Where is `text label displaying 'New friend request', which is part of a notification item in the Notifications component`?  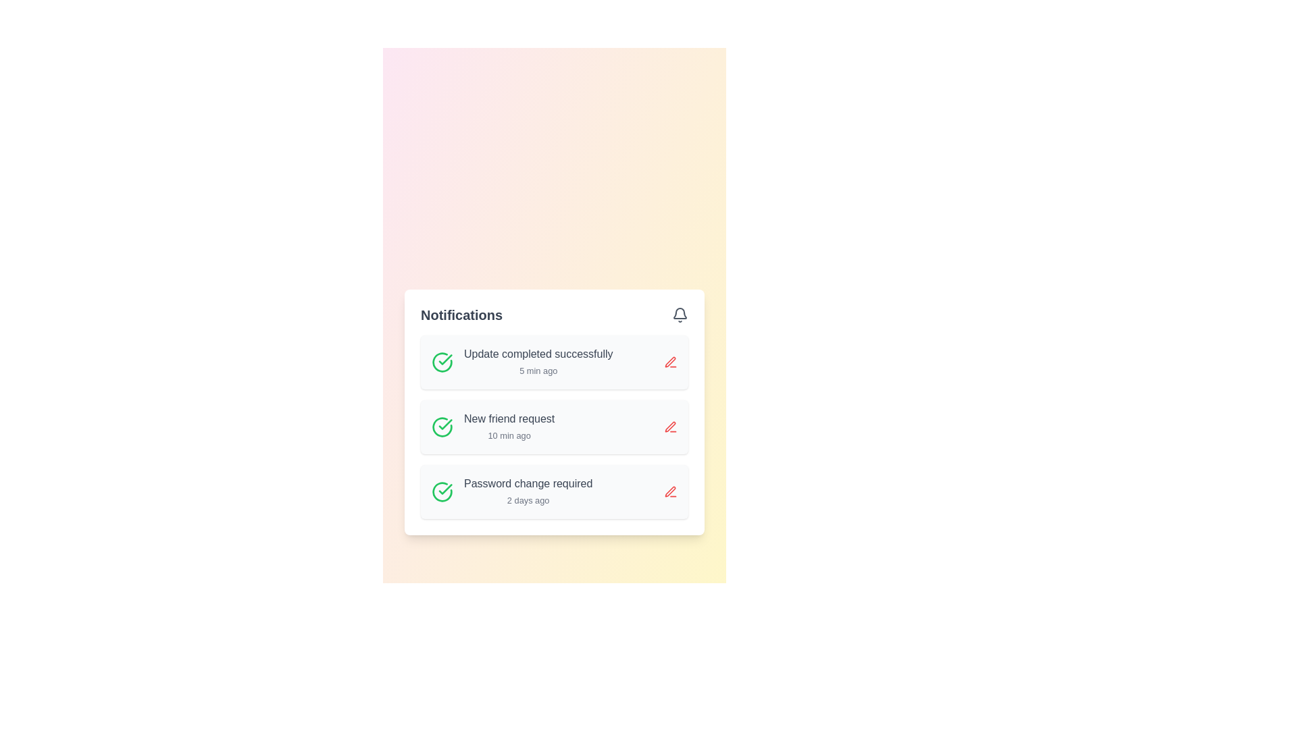 text label displaying 'New friend request', which is part of a notification item in the Notifications component is located at coordinates (509, 418).